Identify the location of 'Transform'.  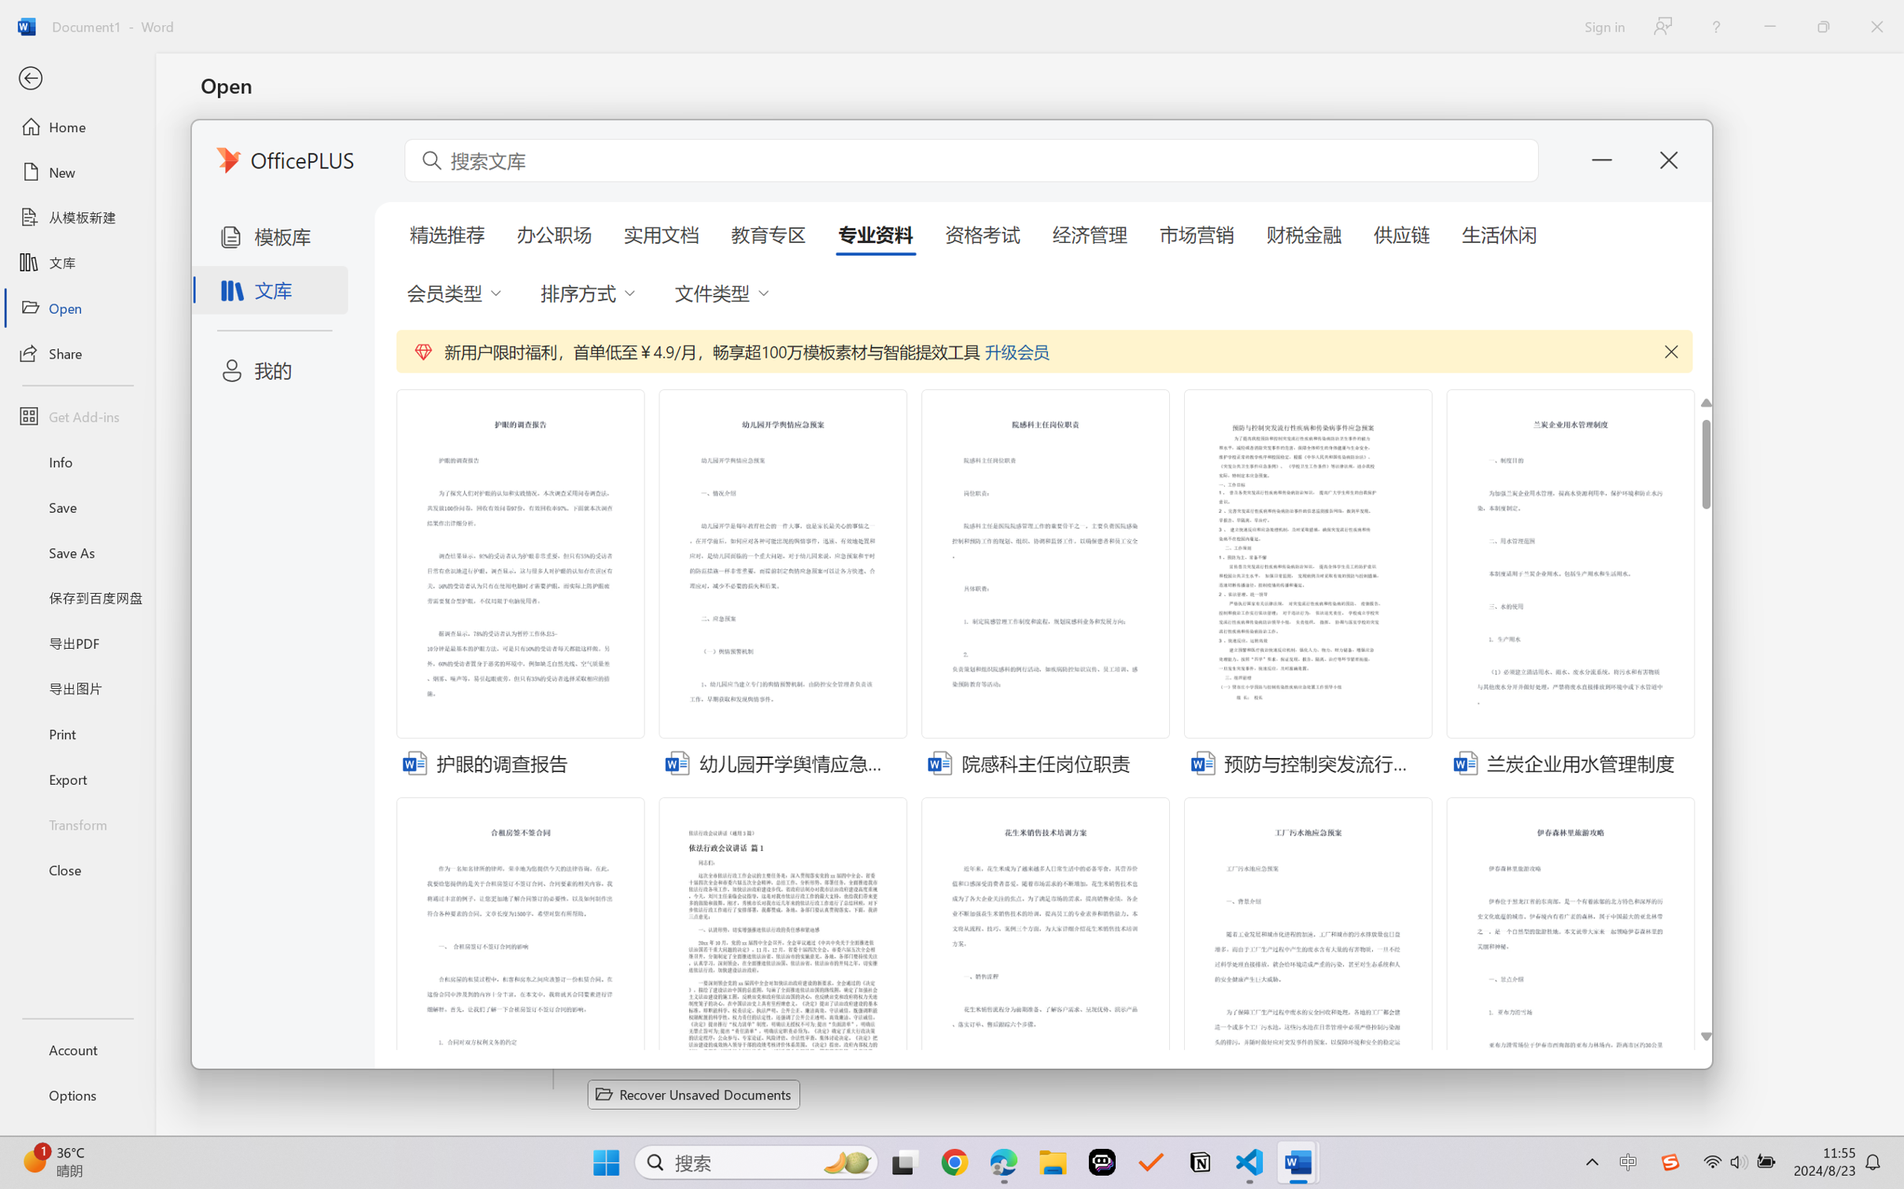
(76, 823).